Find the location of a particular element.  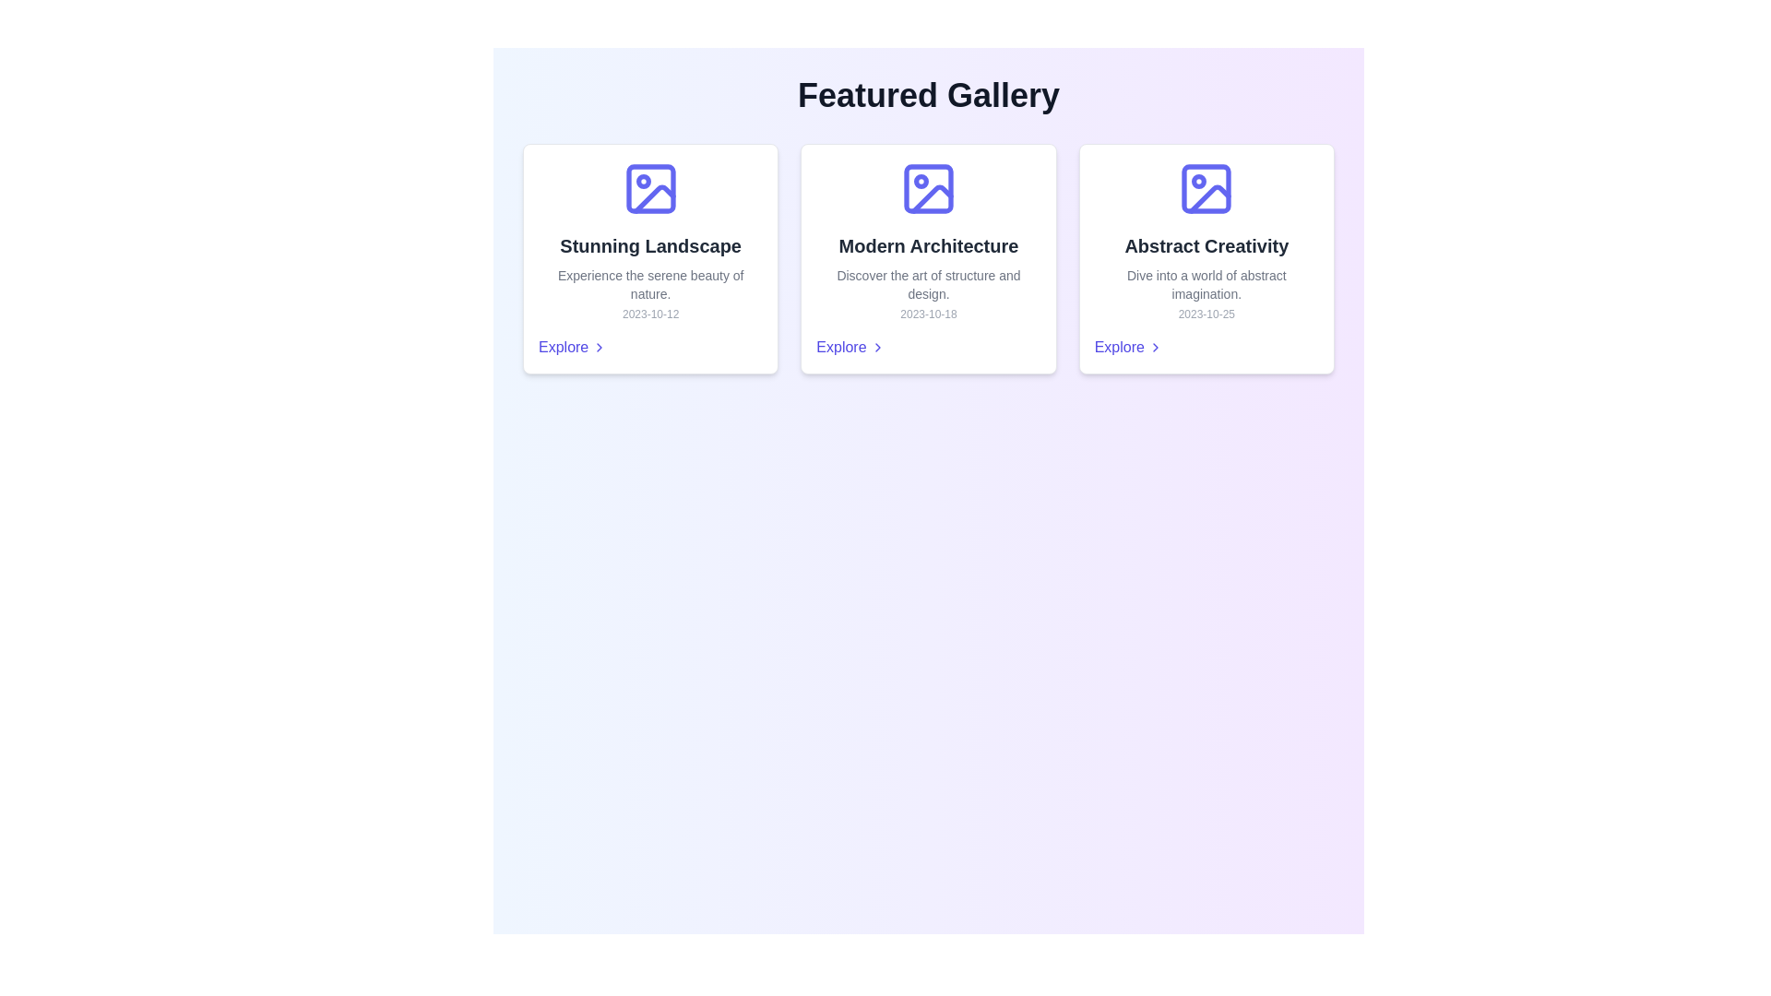

descriptive text label providing insight into 'Abstract Creativity,' located in the third card, centered below the title and above the date text is located at coordinates (1206, 284).